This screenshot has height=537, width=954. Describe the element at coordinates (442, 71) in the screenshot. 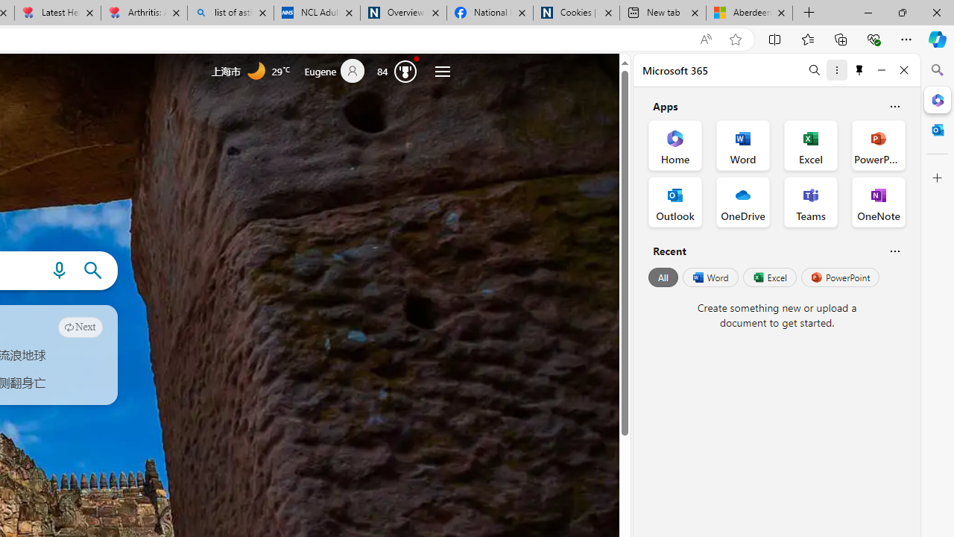

I see `'Settings and quick links'` at that location.